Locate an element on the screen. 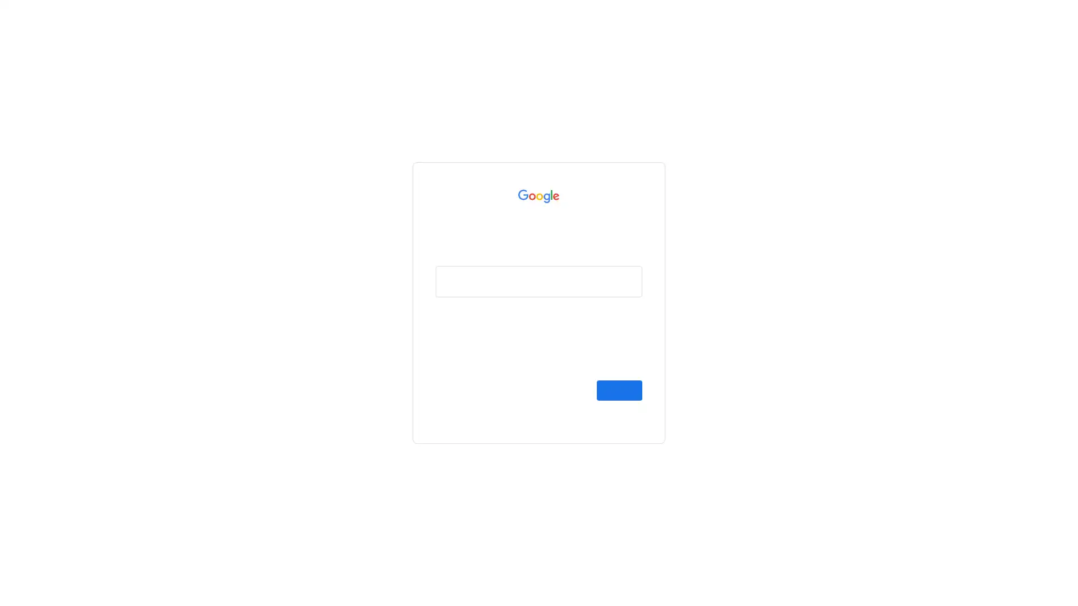  Next is located at coordinates (619, 389).